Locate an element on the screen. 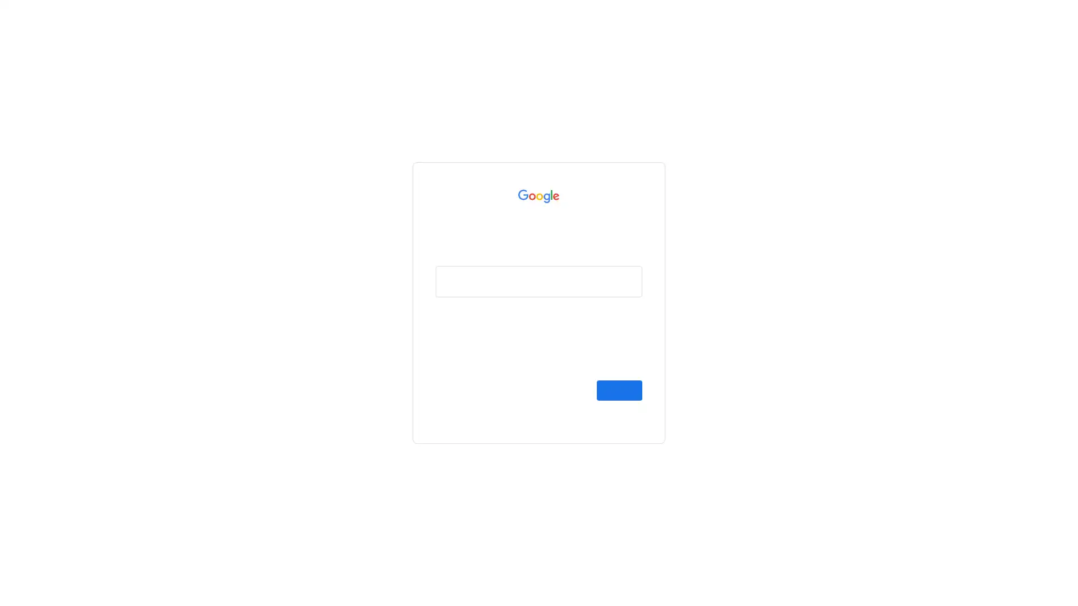  Next is located at coordinates (619, 389).